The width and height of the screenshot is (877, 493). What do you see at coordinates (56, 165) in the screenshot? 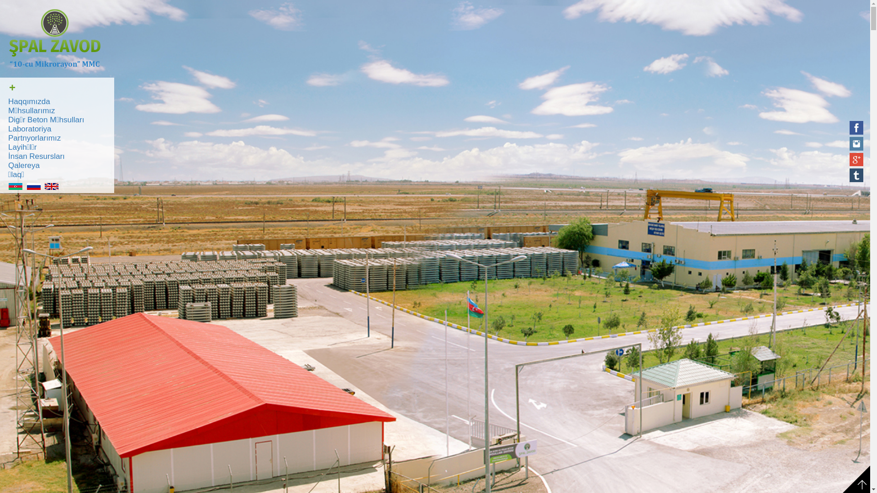
I see `'Qalereya'` at bounding box center [56, 165].